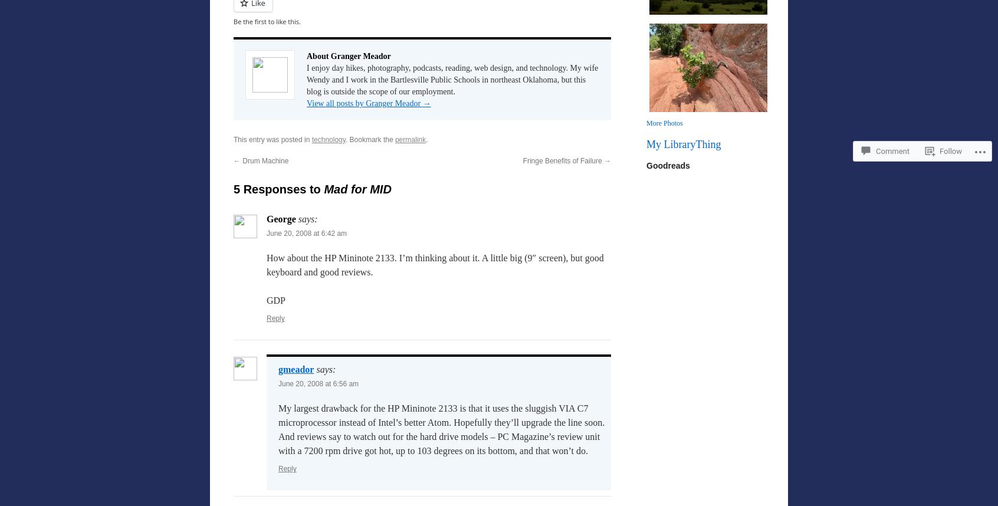 Image resolution: width=998 pixels, height=506 pixels. What do you see at coordinates (296, 369) in the screenshot?
I see `'gmeador'` at bounding box center [296, 369].